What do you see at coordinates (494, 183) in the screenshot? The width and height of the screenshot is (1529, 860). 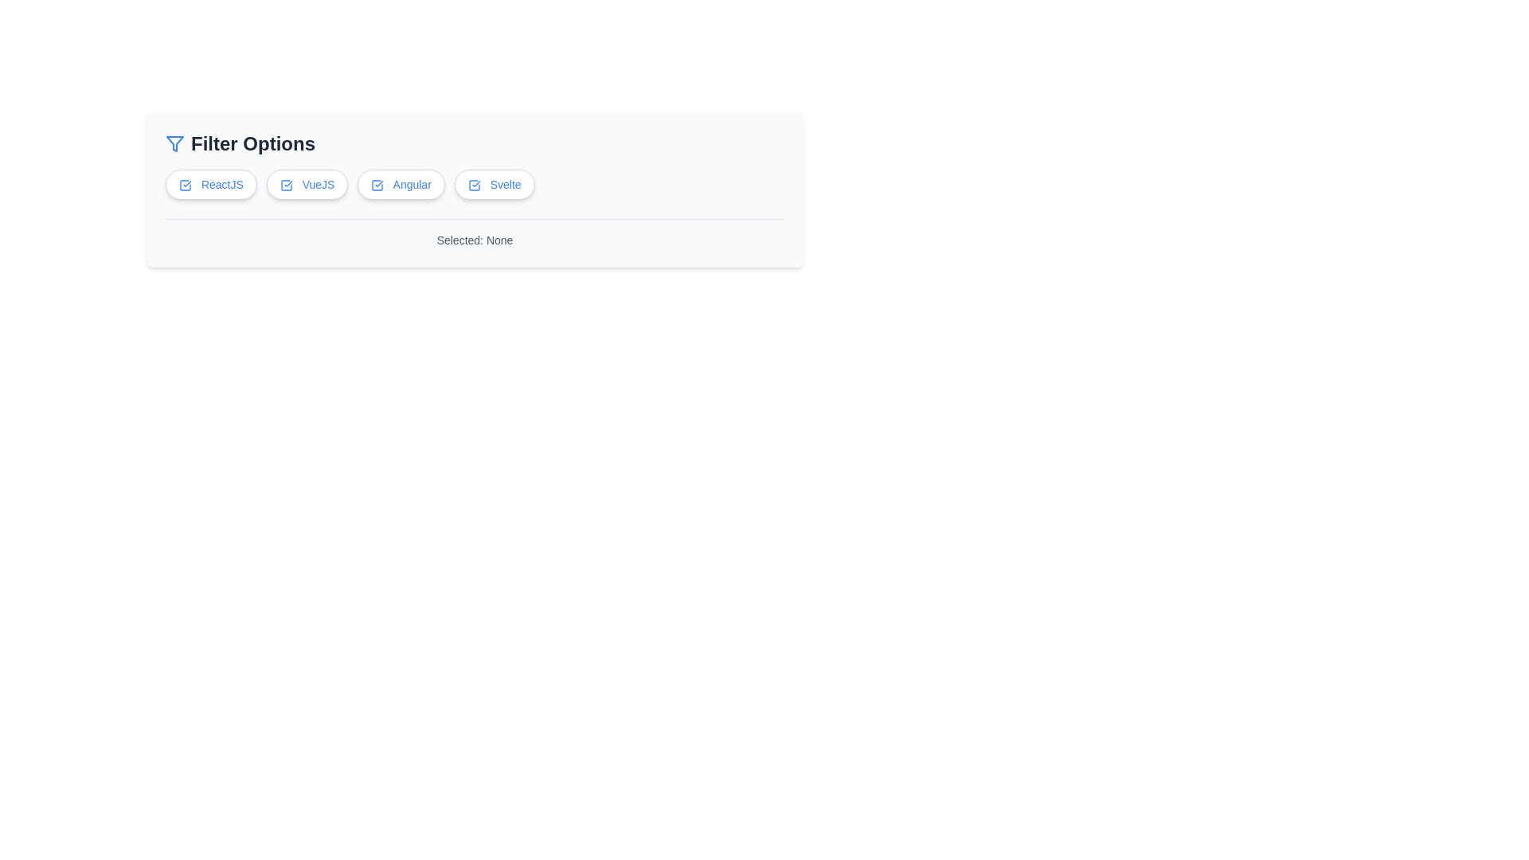 I see `the last button labeled 'Svelte' in the 'Filter Options' section` at bounding box center [494, 183].